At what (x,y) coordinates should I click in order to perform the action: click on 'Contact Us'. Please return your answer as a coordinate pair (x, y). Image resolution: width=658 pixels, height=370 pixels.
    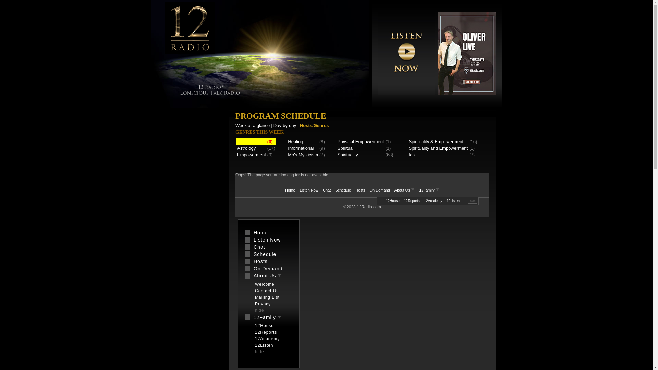
    Looking at the image, I should click on (271, 291).